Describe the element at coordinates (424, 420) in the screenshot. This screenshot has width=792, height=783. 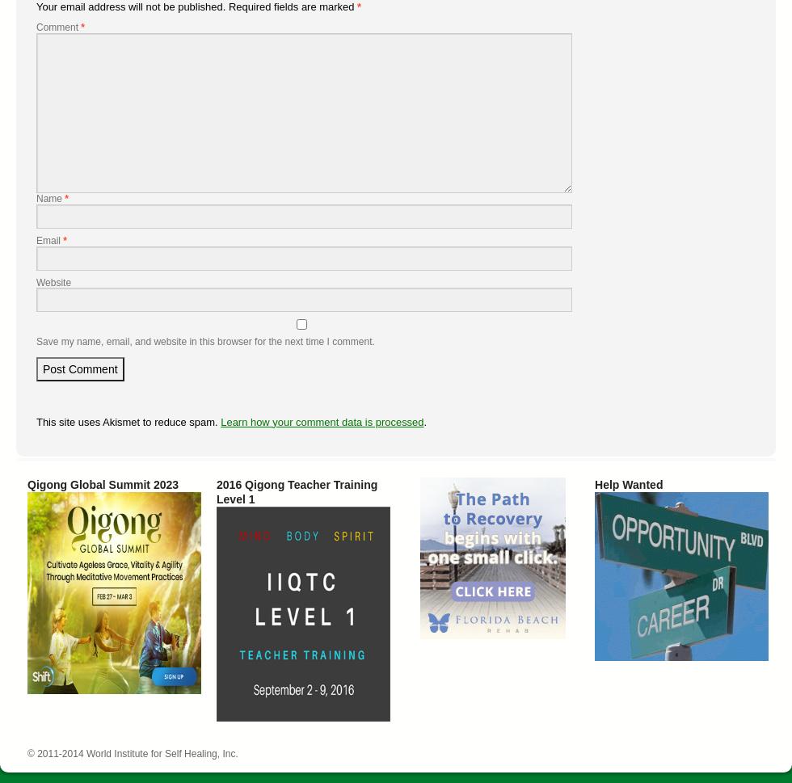
I see `'.'` at that location.